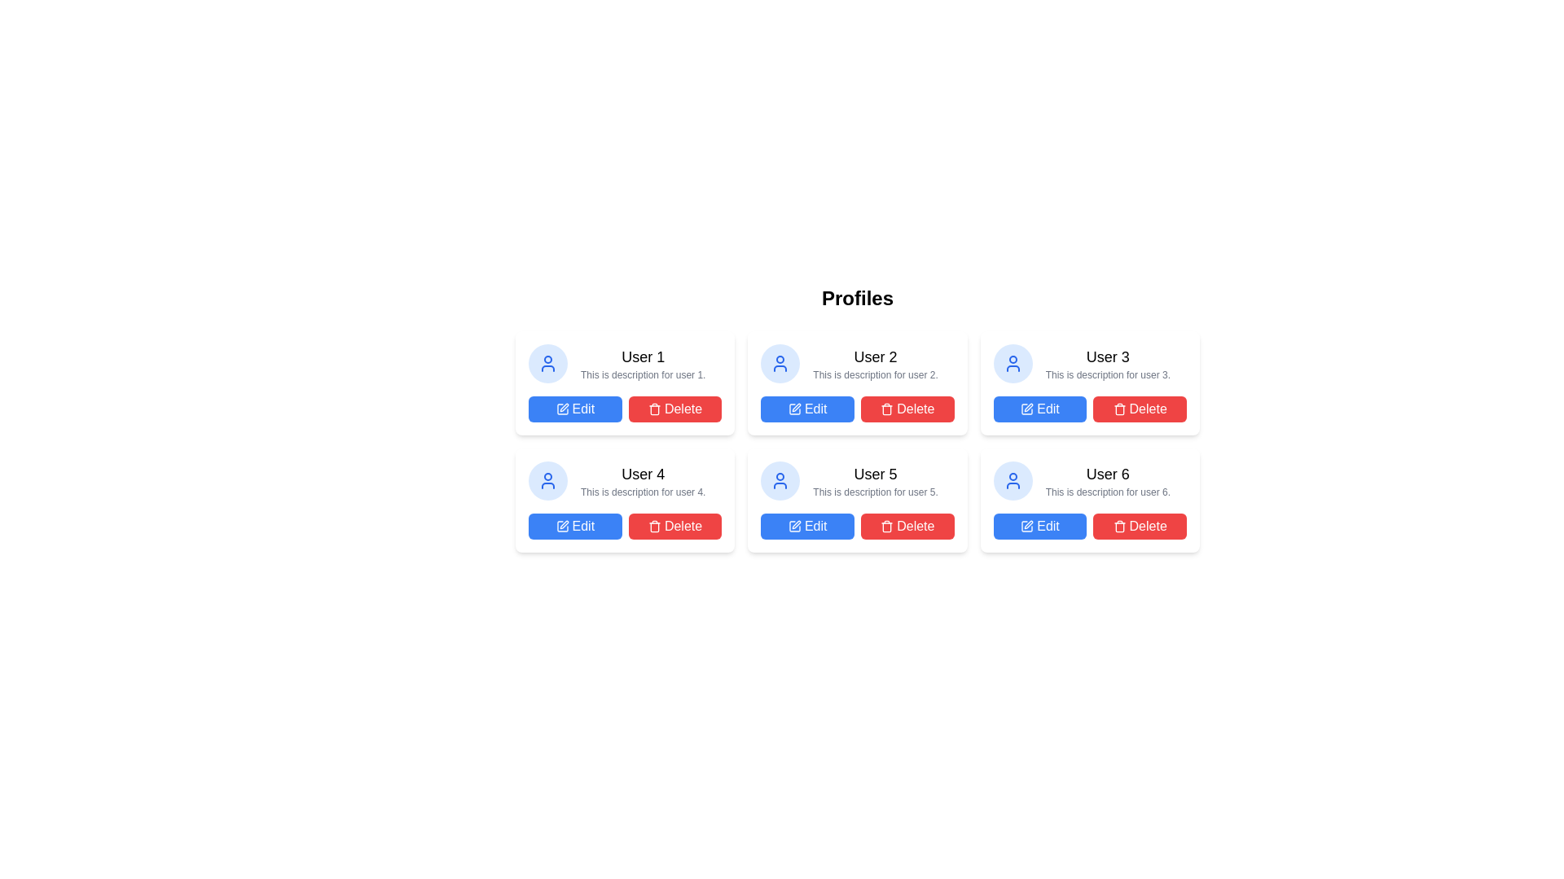 This screenshot has height=879, width=1564. Describe the element at coordinates (780, 363) in the screenshot. I see `the user icon representing 'User 2' in the profiles grid, which is located in the top row, second column with a circular light-blue background` at that location.